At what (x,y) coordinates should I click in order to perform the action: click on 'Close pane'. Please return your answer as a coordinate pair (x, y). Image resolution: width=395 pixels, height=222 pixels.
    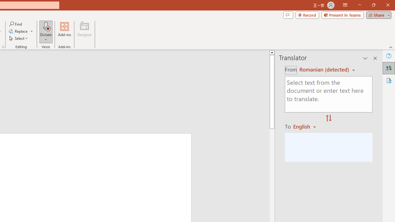
    Looking at the image, I should click on (375, 58).